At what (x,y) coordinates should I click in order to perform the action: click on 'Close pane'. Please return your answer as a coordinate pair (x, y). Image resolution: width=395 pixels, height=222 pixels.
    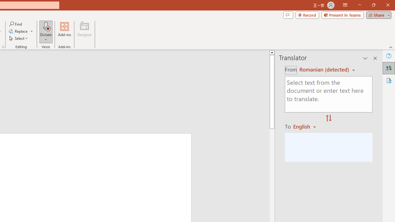
    Looking at the image, I should click on (375, 58).